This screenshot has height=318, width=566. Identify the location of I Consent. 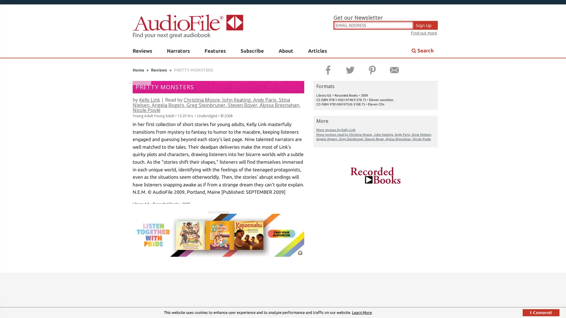
(541, 312).